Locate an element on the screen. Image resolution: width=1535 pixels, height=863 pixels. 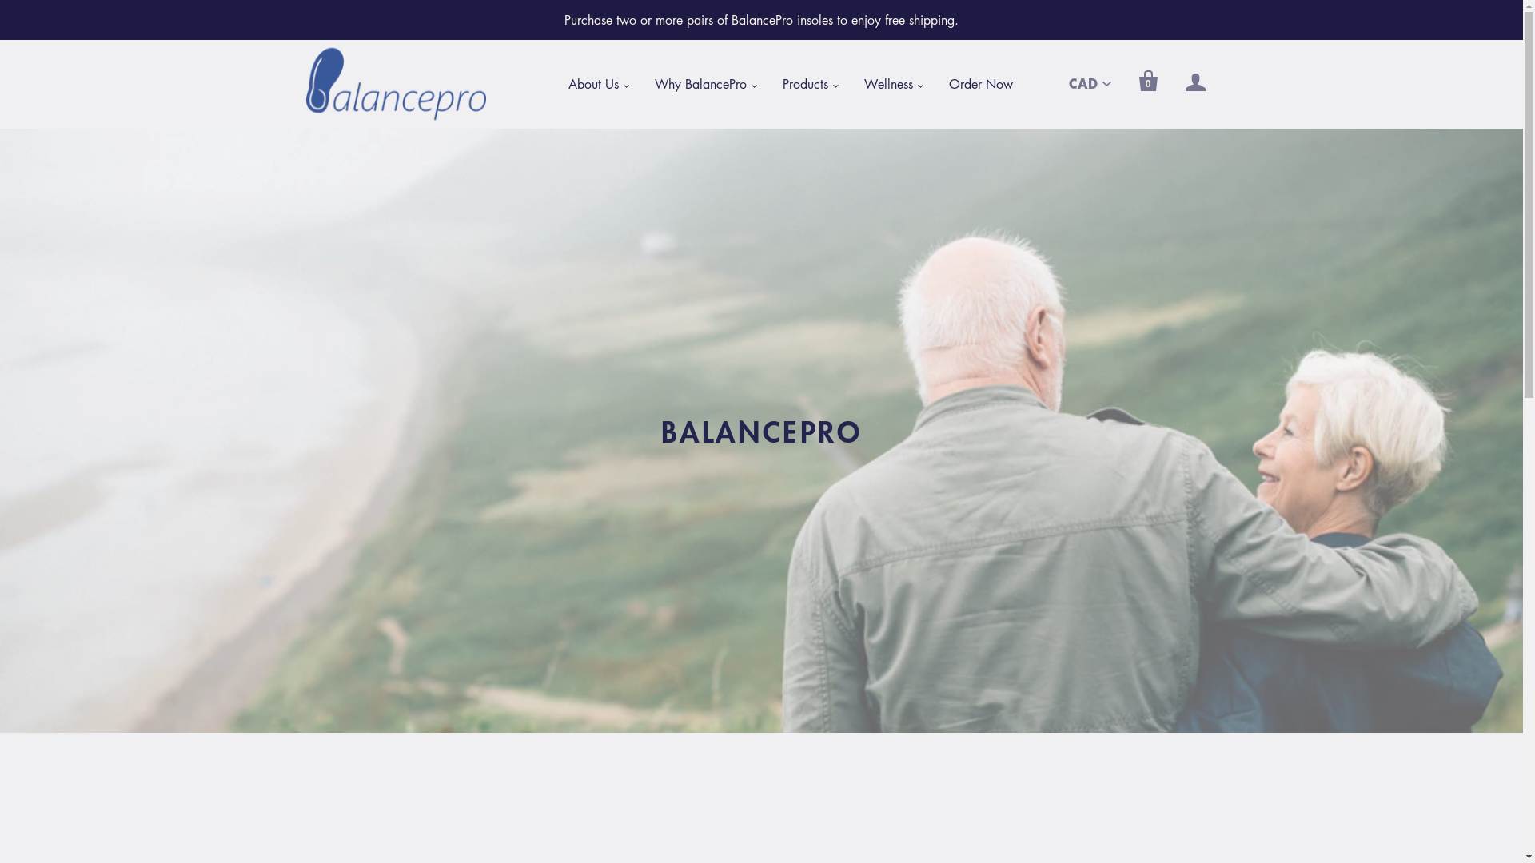
'About Us' is located at coordinates (592, 83).